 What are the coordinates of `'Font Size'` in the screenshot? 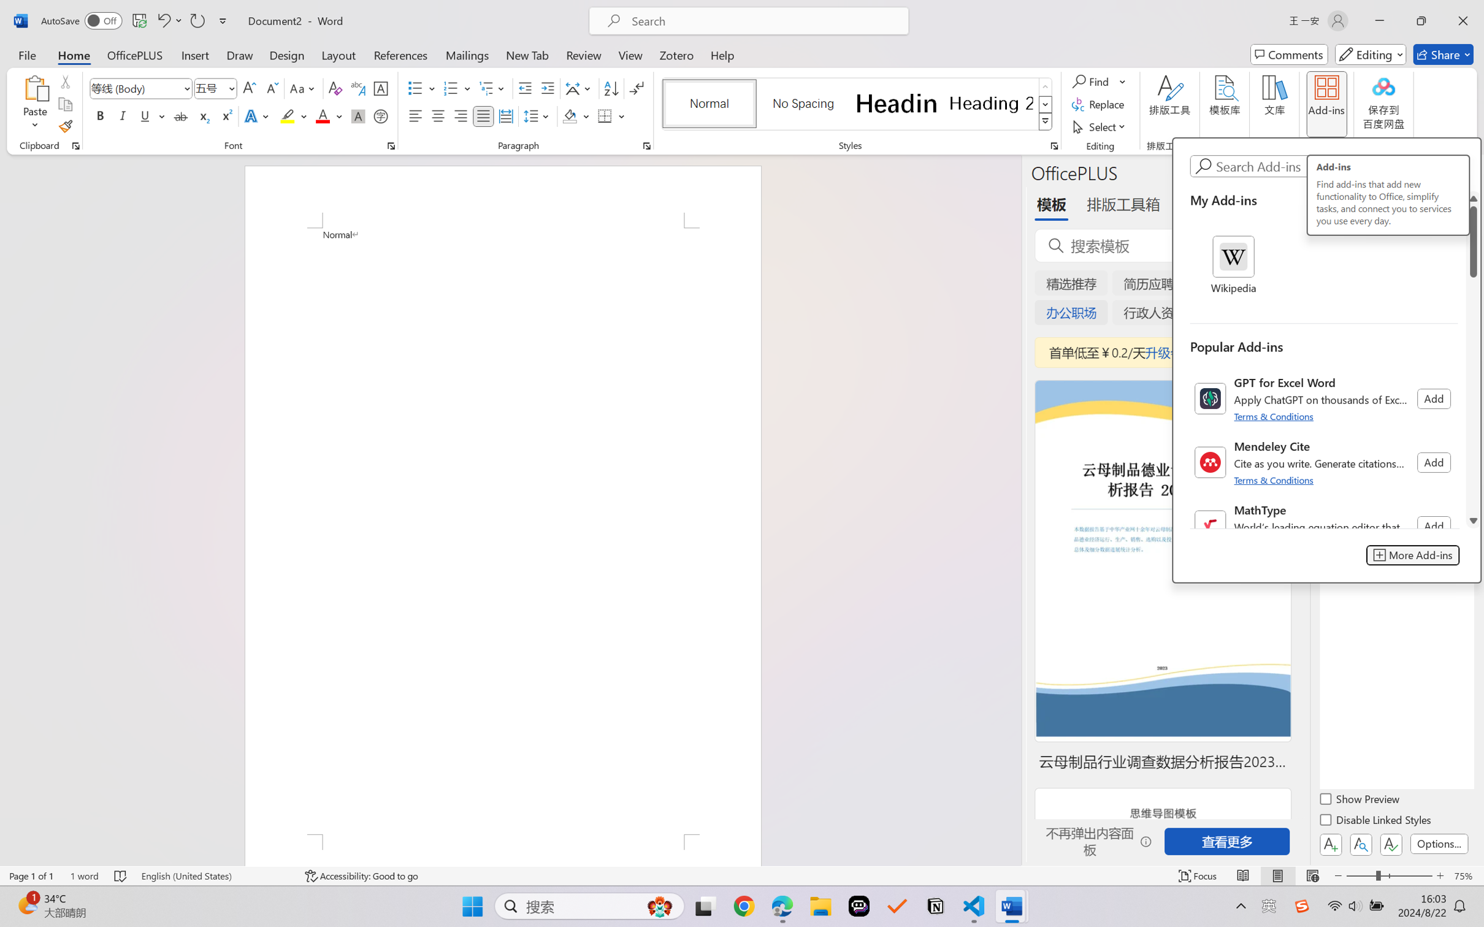 It's located at (215, 88).